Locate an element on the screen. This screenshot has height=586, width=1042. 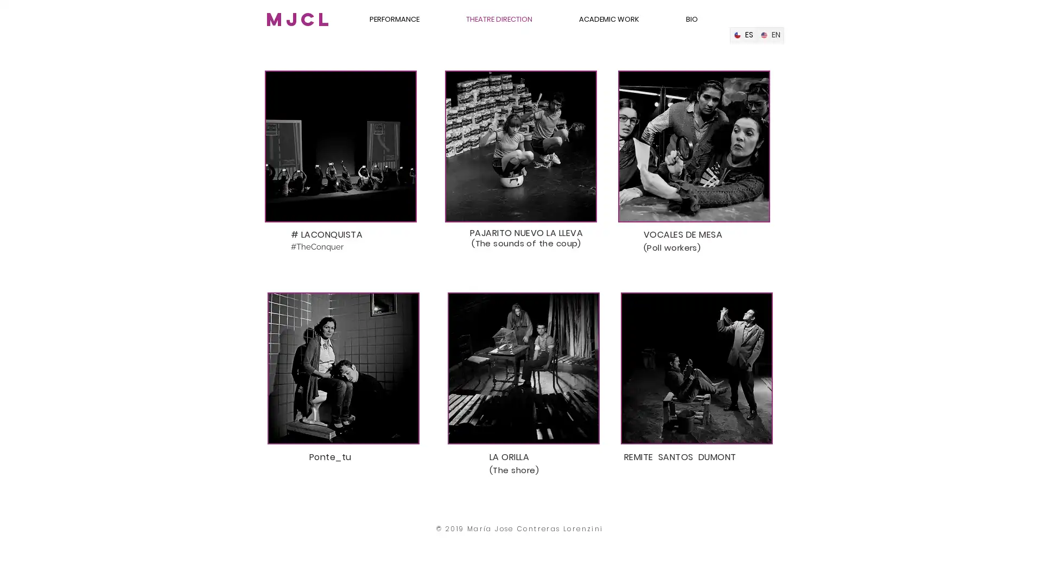
English is located at coordinates (770, 35).